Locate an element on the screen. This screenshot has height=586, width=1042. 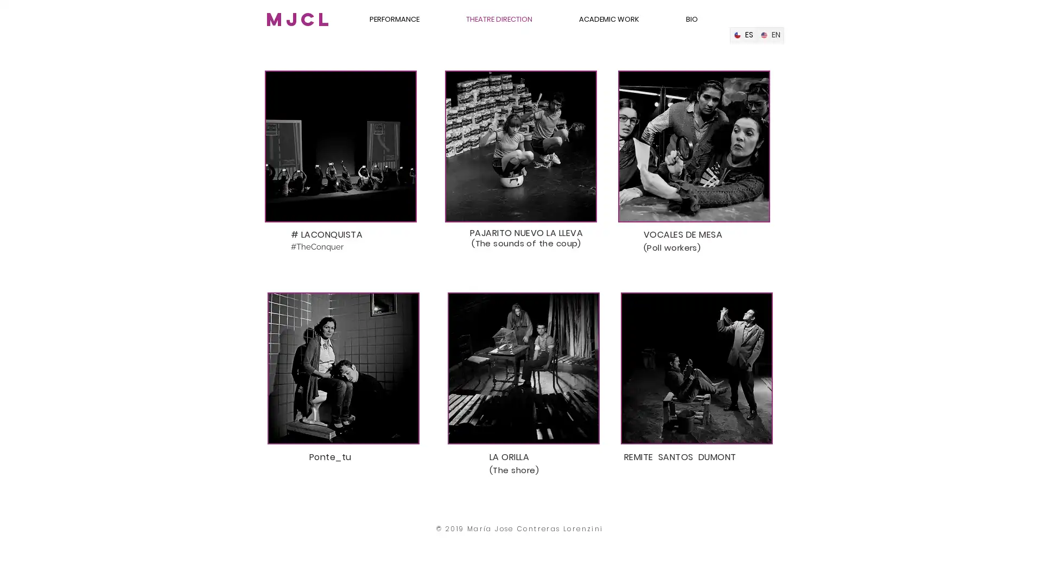
English is located at coordinates (770, 35).